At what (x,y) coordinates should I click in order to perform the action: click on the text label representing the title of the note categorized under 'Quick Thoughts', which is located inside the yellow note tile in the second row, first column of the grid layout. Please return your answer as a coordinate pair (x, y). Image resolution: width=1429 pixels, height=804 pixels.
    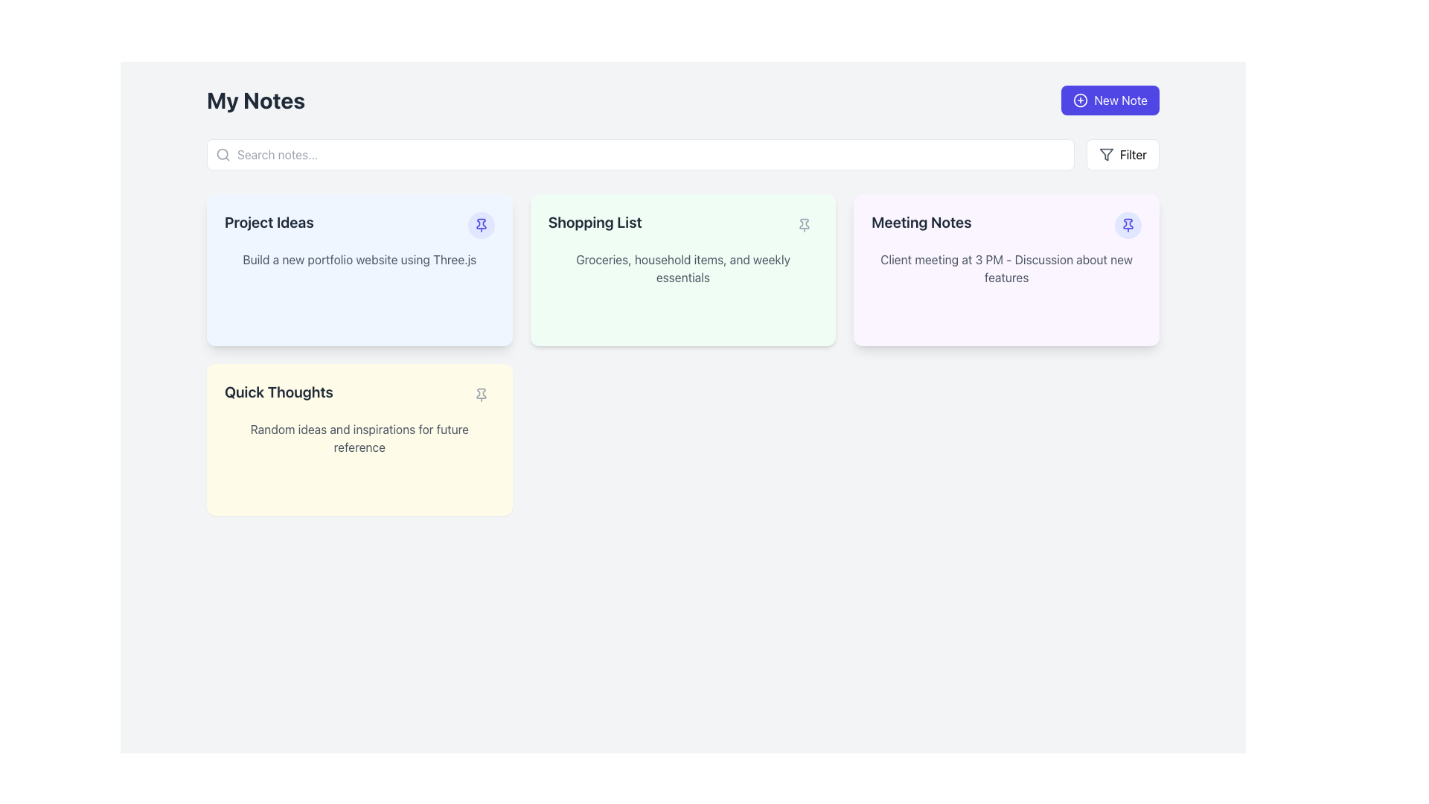
    Looking at the image, I should click on (278, 392).